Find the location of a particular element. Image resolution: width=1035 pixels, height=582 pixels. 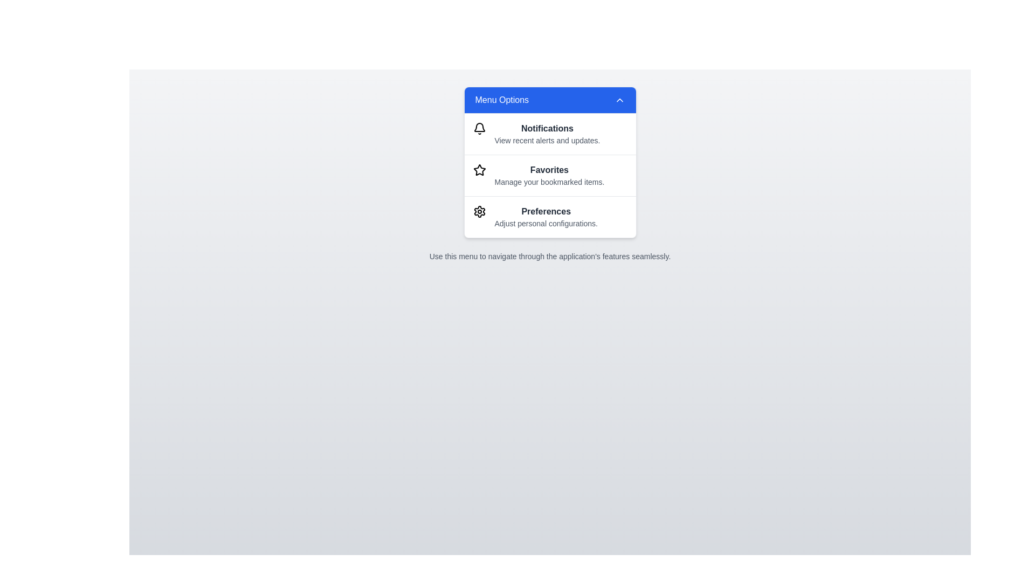

the menu option Preferences from the VibrantInteractiveMenu is located at coordinates (550, 217).